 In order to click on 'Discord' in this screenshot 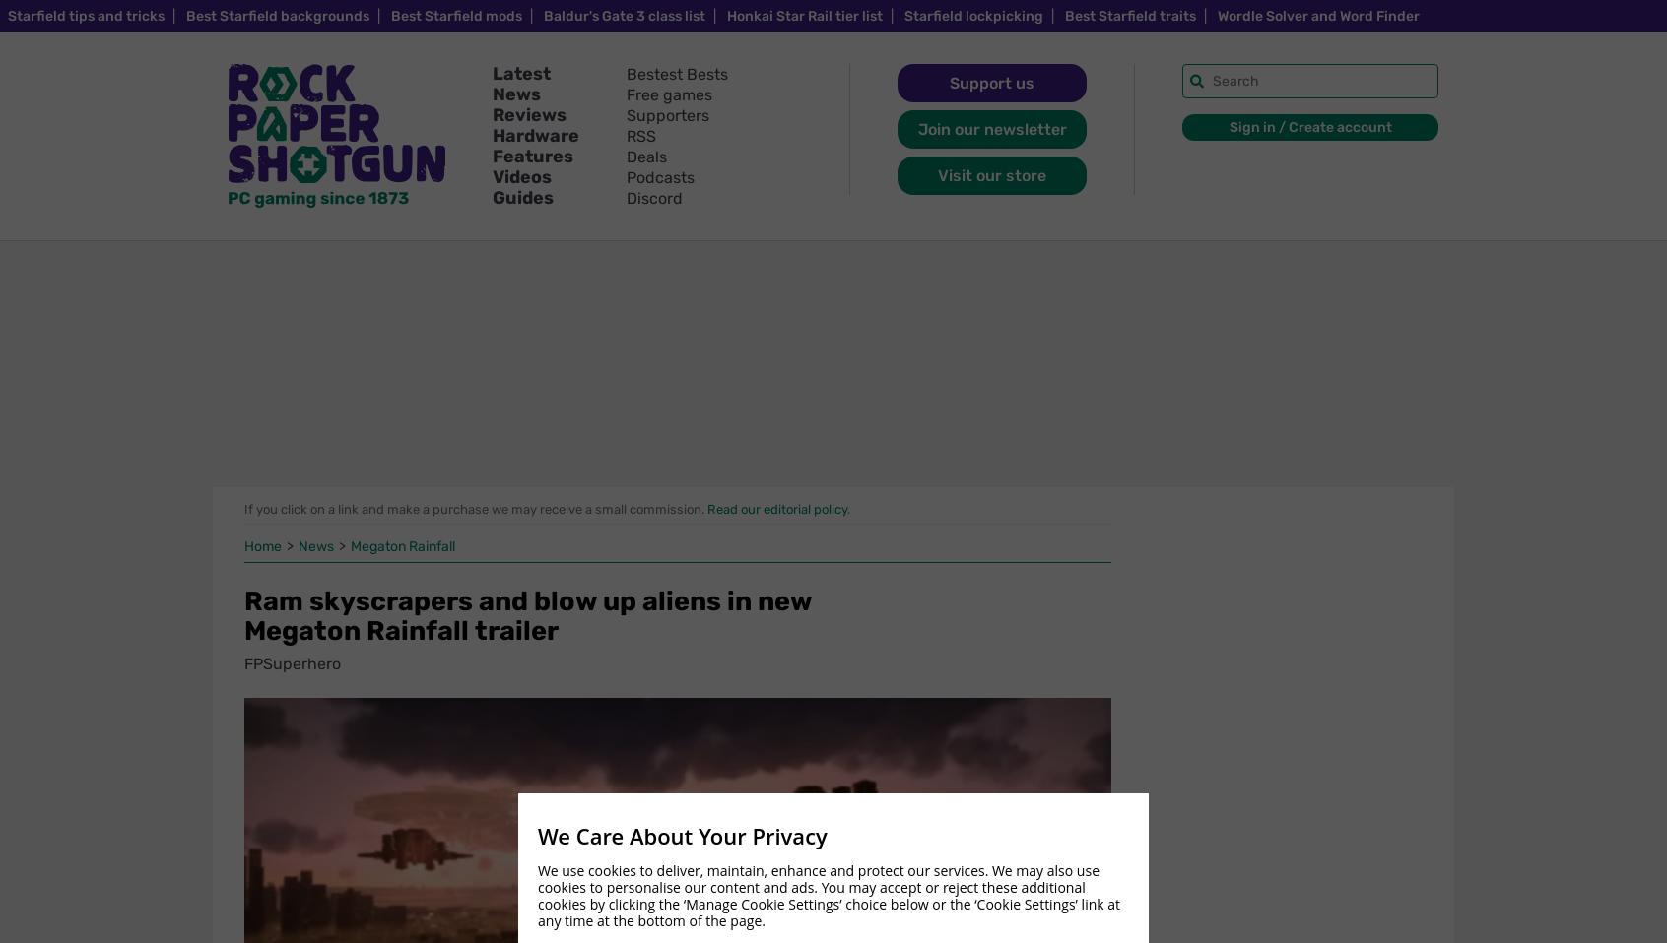, I will do `click(654, 197)`.